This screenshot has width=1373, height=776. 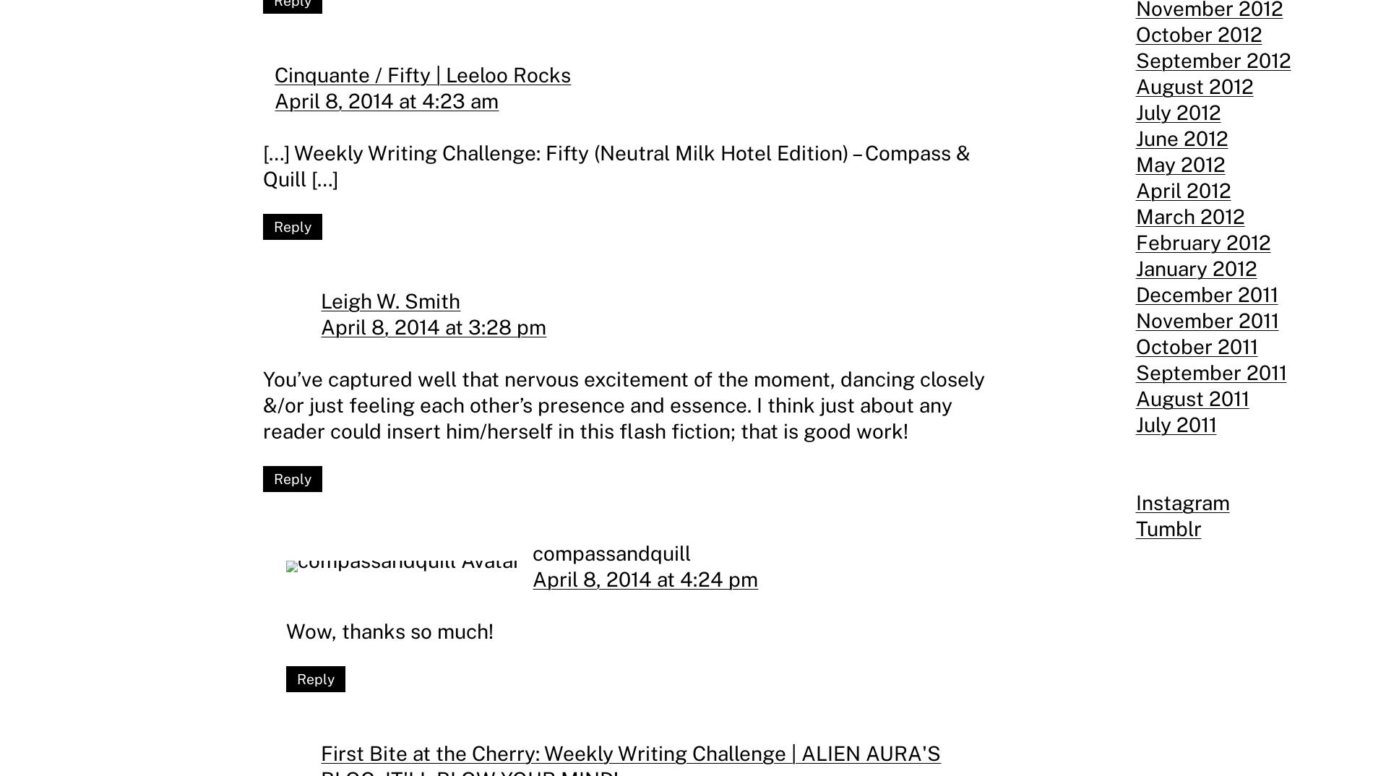 I want to click on 'March 2012', so click(x=1189, y=216).